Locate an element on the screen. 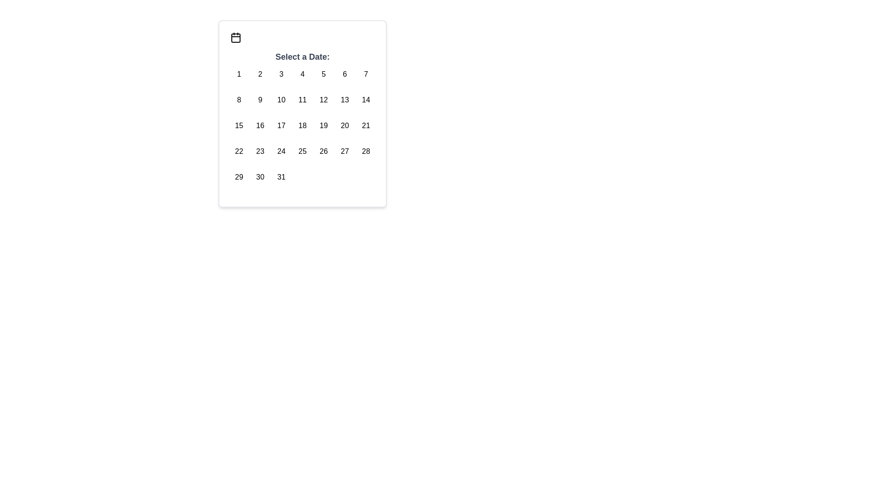 Image resolution: width=883 pixels, height=496 pixels. the date selection button for the 12th day in the calendar widget is located at coordinates (324, 100).